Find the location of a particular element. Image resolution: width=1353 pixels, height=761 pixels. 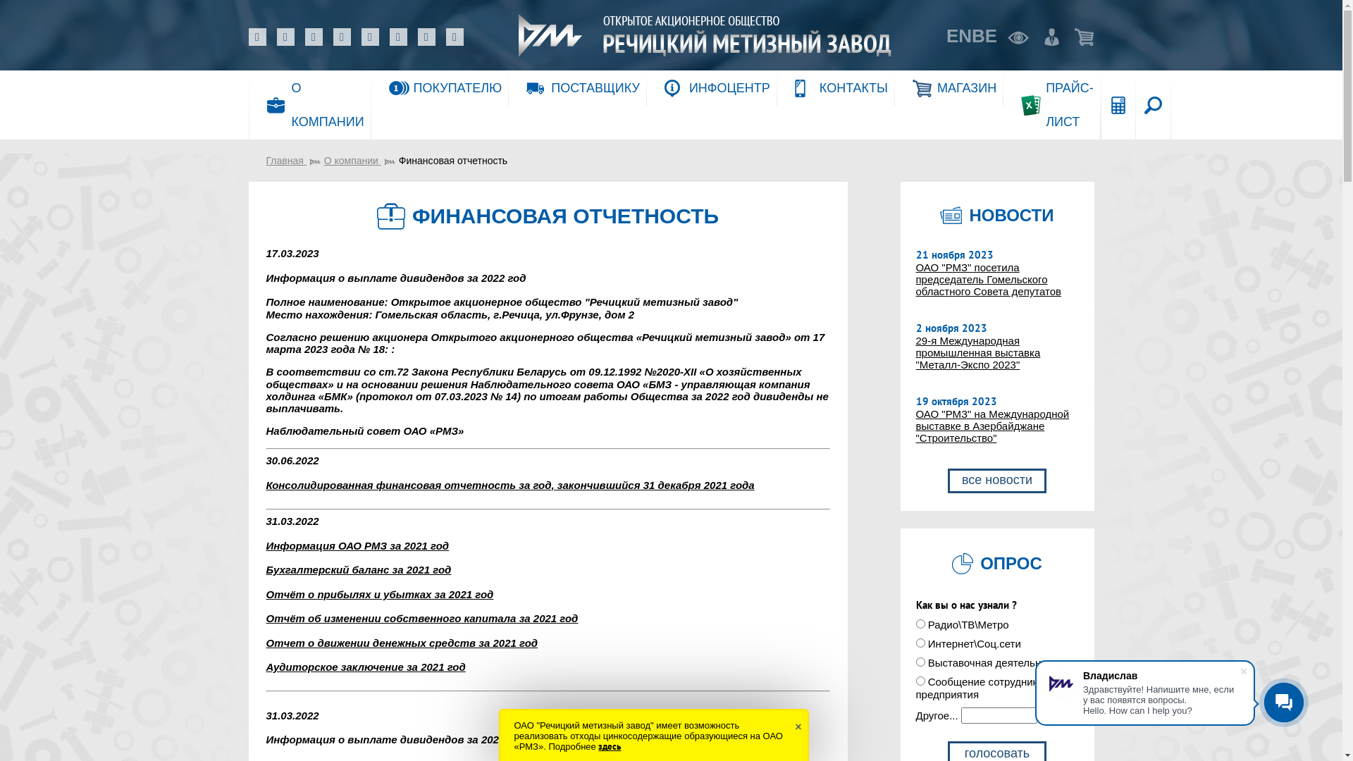

'Instagram' is located at coordinates (341, 36).